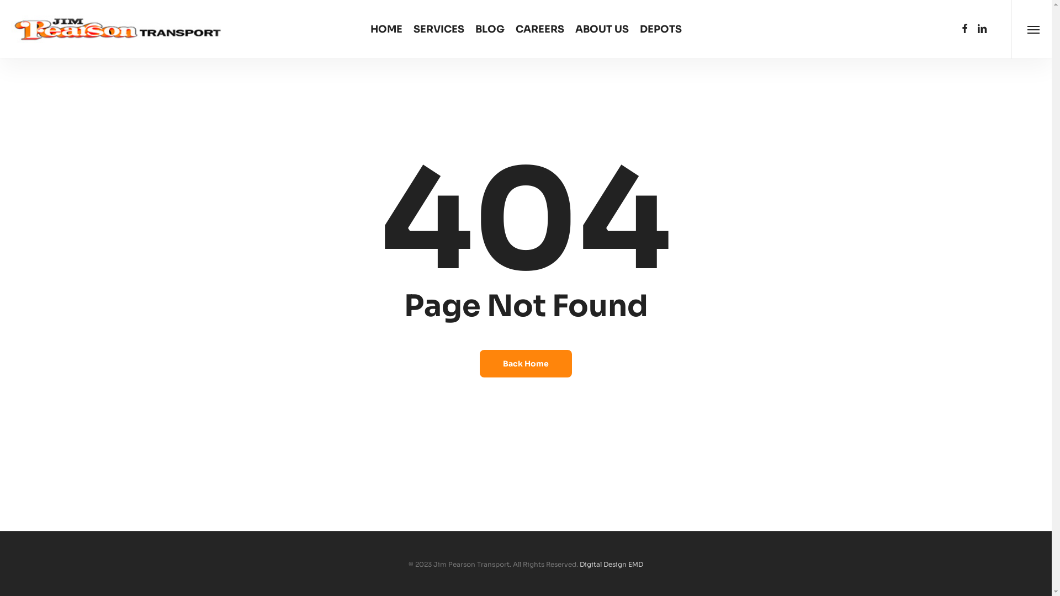  I want to click on 'DEPOTS', so click(633, 29).